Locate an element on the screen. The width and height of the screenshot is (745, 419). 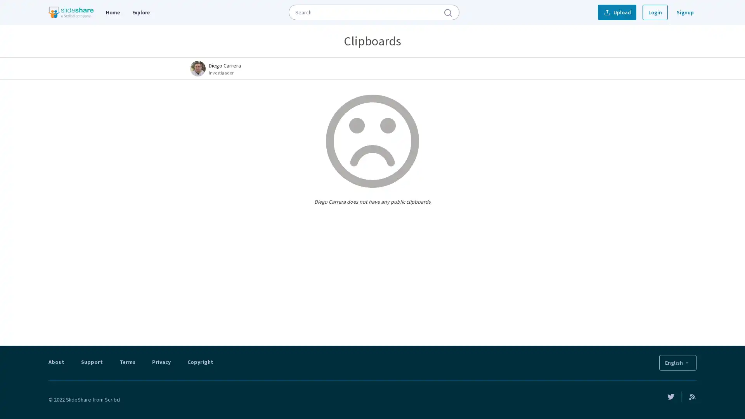
Submit Search is located at coordinates (447, 12).